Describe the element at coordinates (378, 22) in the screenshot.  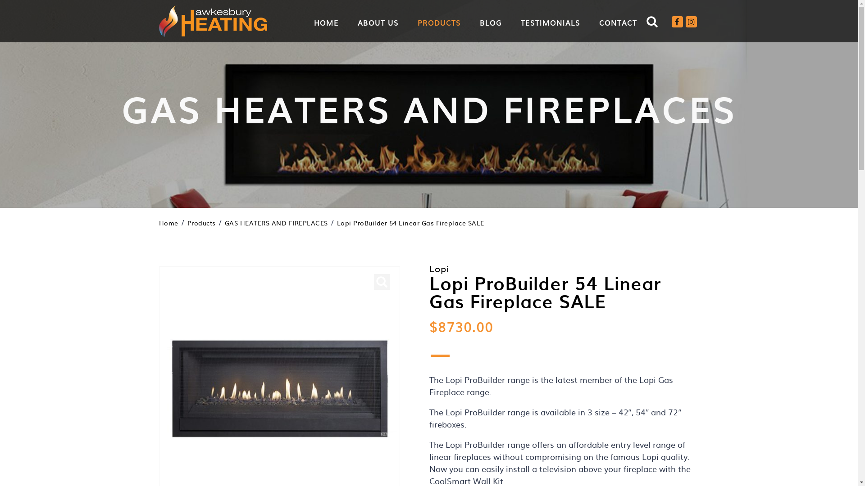
I see `'ABOUT US'` at that location.